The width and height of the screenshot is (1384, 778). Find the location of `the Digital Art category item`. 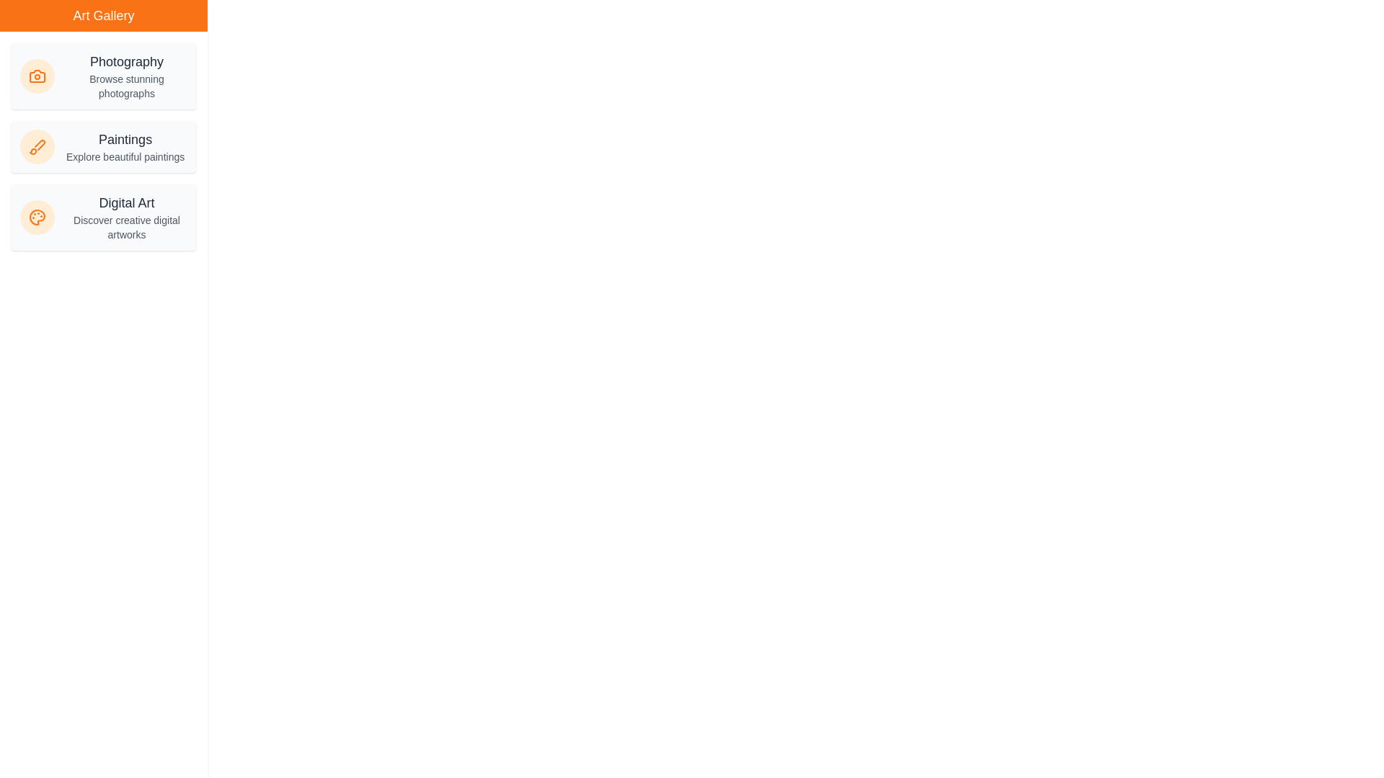

the Digital Art category item is located at coordinates (103, 217).